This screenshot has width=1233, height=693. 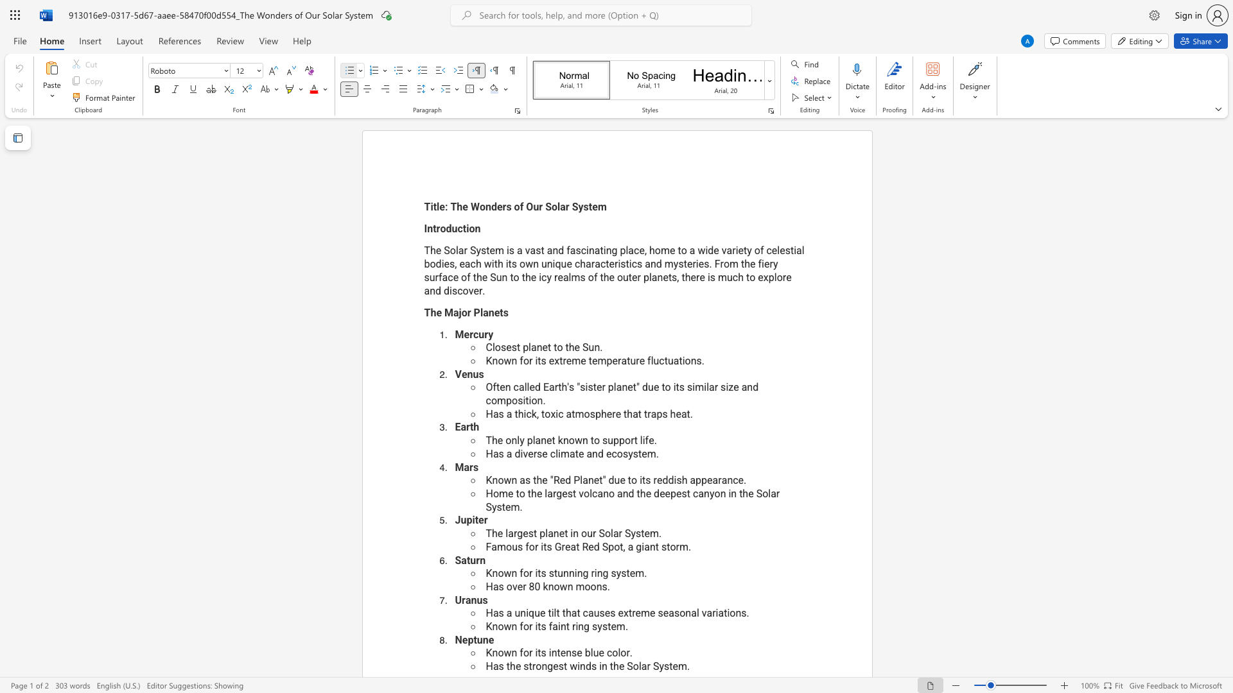 I want to click on the space between the continuous character "u" and "p" in the text, so click(x=613, y=440).